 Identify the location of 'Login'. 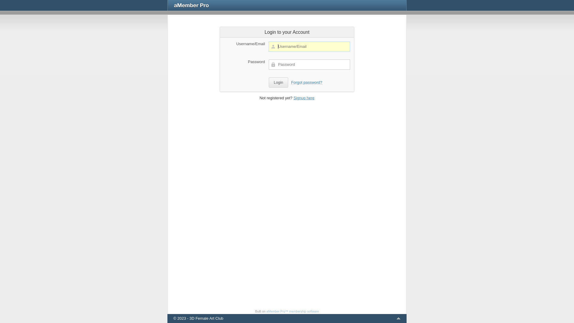
(278, 83).